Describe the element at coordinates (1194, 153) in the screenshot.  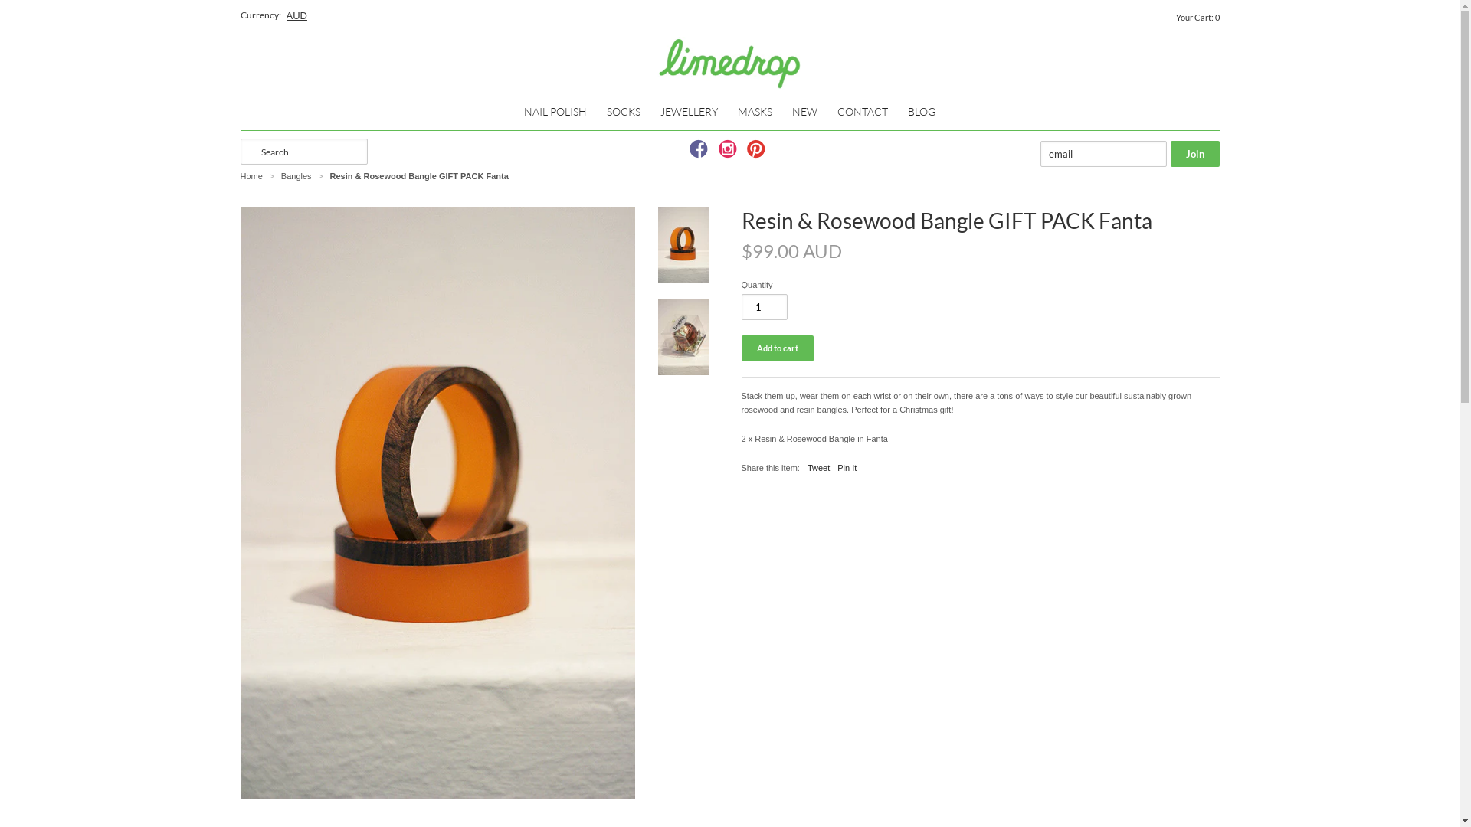
I see `'Join'` at that location.